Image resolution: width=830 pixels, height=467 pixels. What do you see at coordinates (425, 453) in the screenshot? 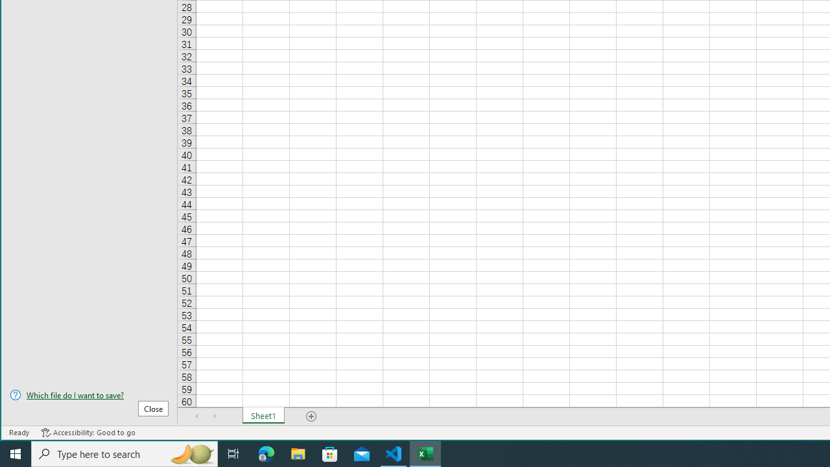
I see `'Excel - 1 running window'` at bounding box center [425, 453].